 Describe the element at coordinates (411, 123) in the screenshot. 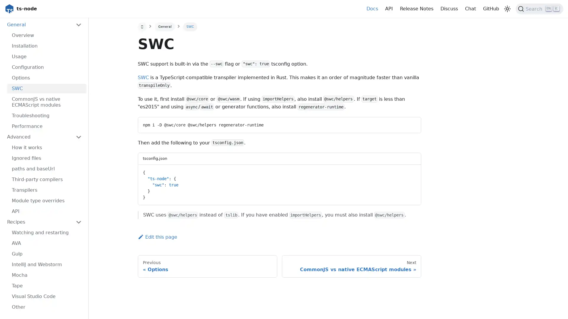

I see `Copy code to clipboard` at that location.